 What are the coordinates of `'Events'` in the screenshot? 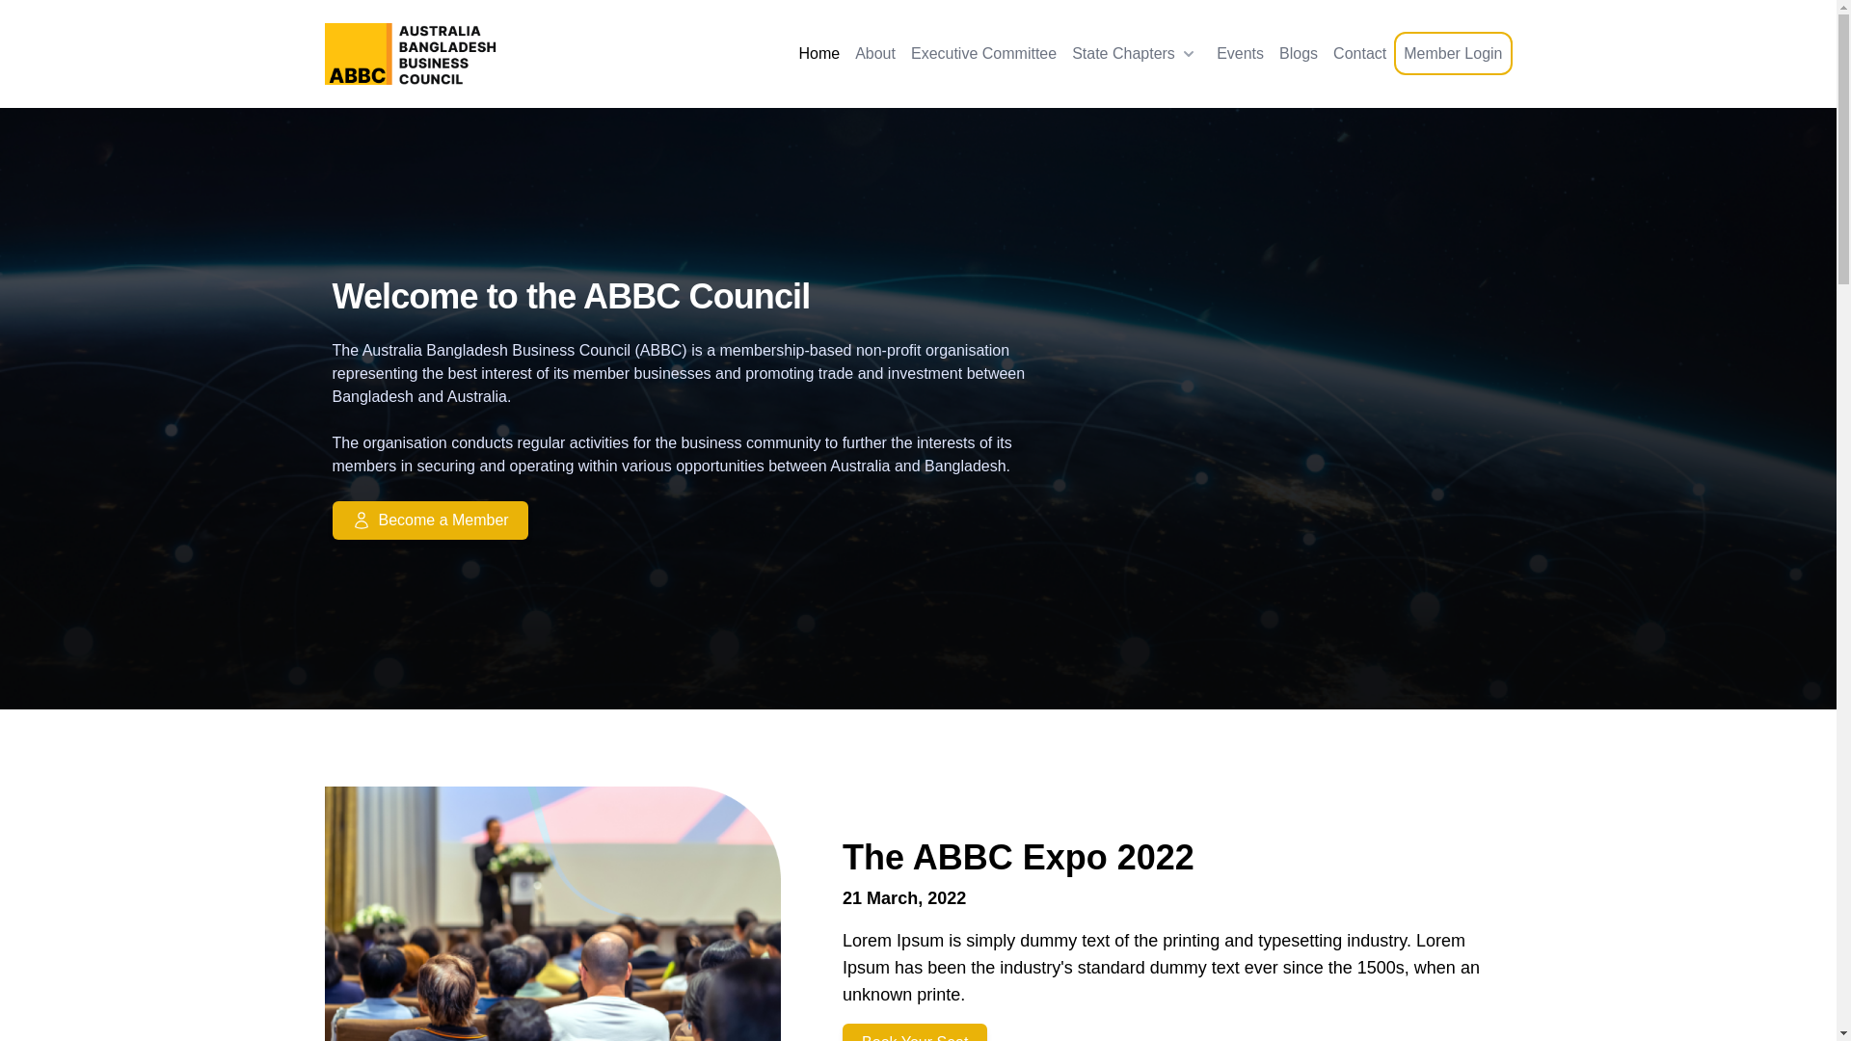 It's located at (1240, 53).